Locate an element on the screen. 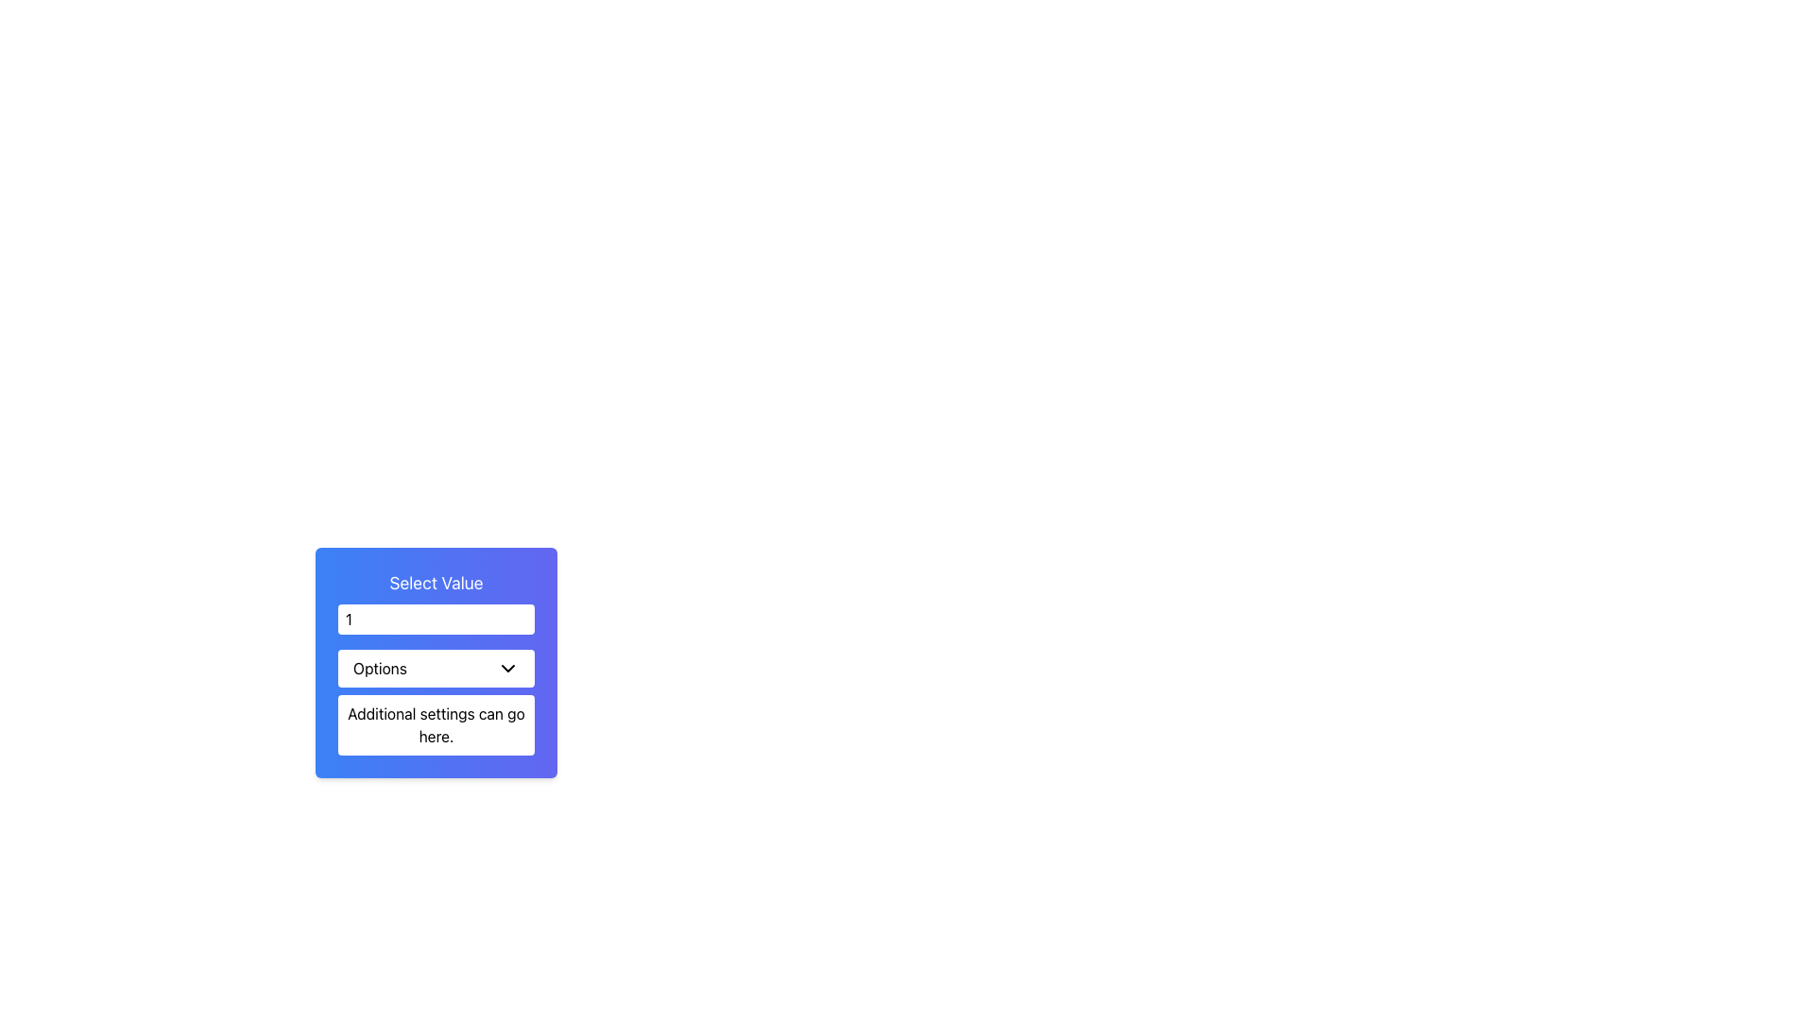 The image size is (1814, 1020). the downward-pointing chevron icon located at the far right of the 'Options' button is located at coordinates (507, 668).